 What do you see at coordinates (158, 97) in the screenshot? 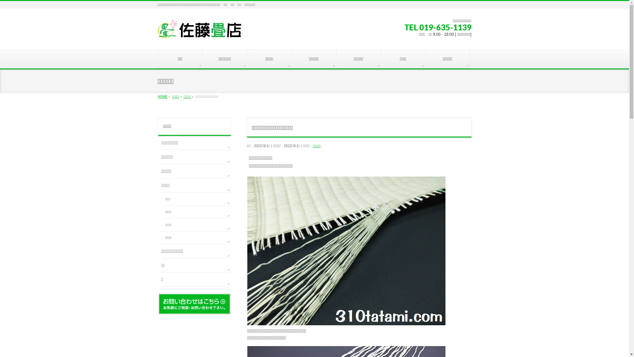
I see `'HOME'` at bounding box center [158, 97].